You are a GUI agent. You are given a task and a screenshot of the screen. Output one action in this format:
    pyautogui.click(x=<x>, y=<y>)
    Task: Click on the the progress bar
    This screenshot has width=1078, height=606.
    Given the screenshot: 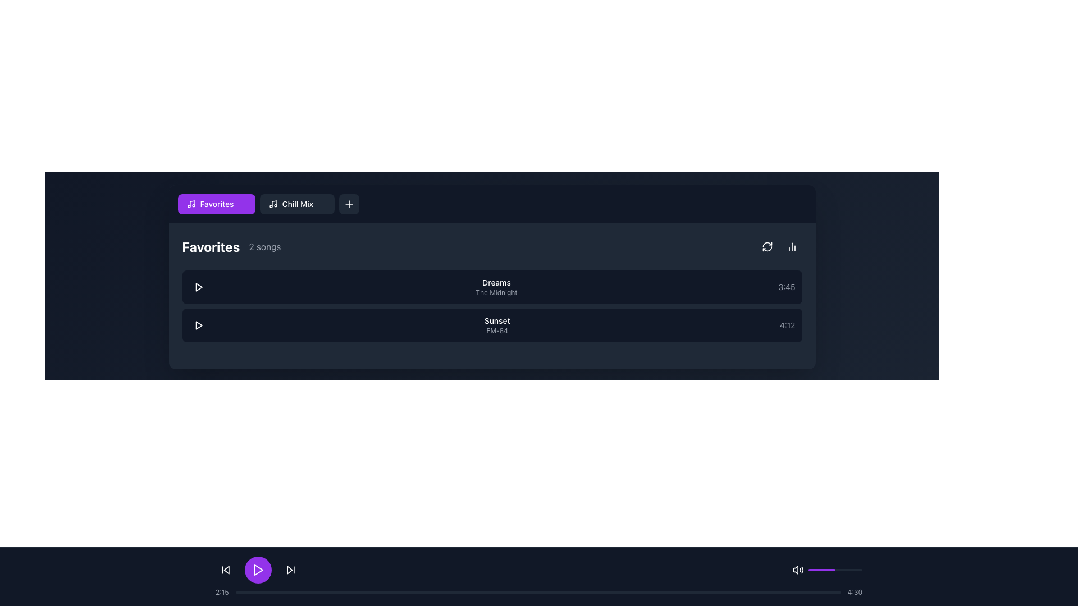 What is the action you would take?
    pyautogui.click(x=598, y=592)
    